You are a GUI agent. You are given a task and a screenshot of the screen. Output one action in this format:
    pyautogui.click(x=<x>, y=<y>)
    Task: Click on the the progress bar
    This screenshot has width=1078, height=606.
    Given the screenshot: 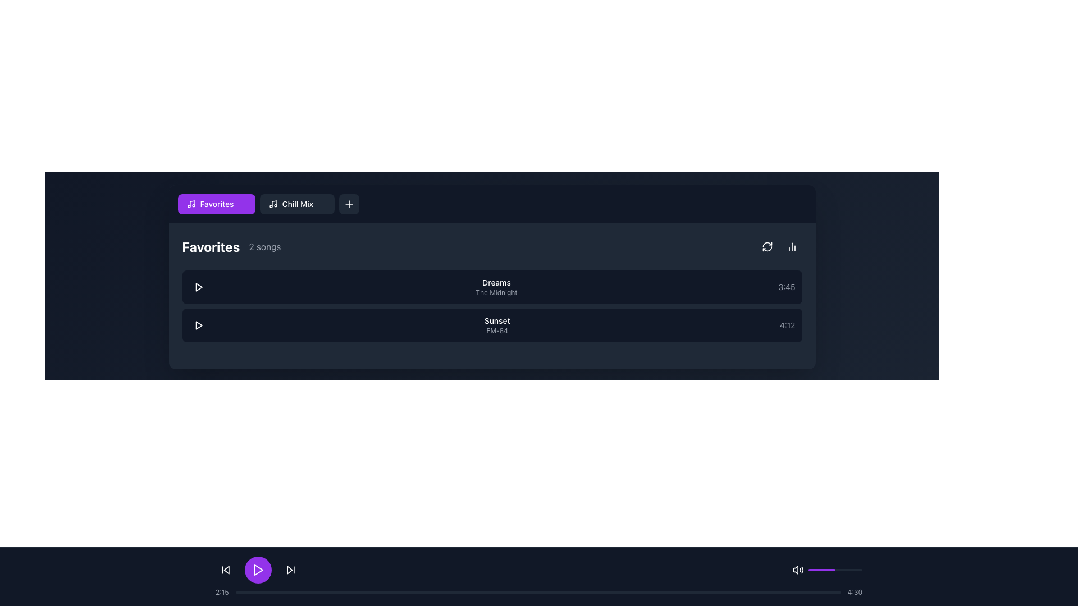 What is the action you would take?
    pyautogui.click(x=598, y=592)
    